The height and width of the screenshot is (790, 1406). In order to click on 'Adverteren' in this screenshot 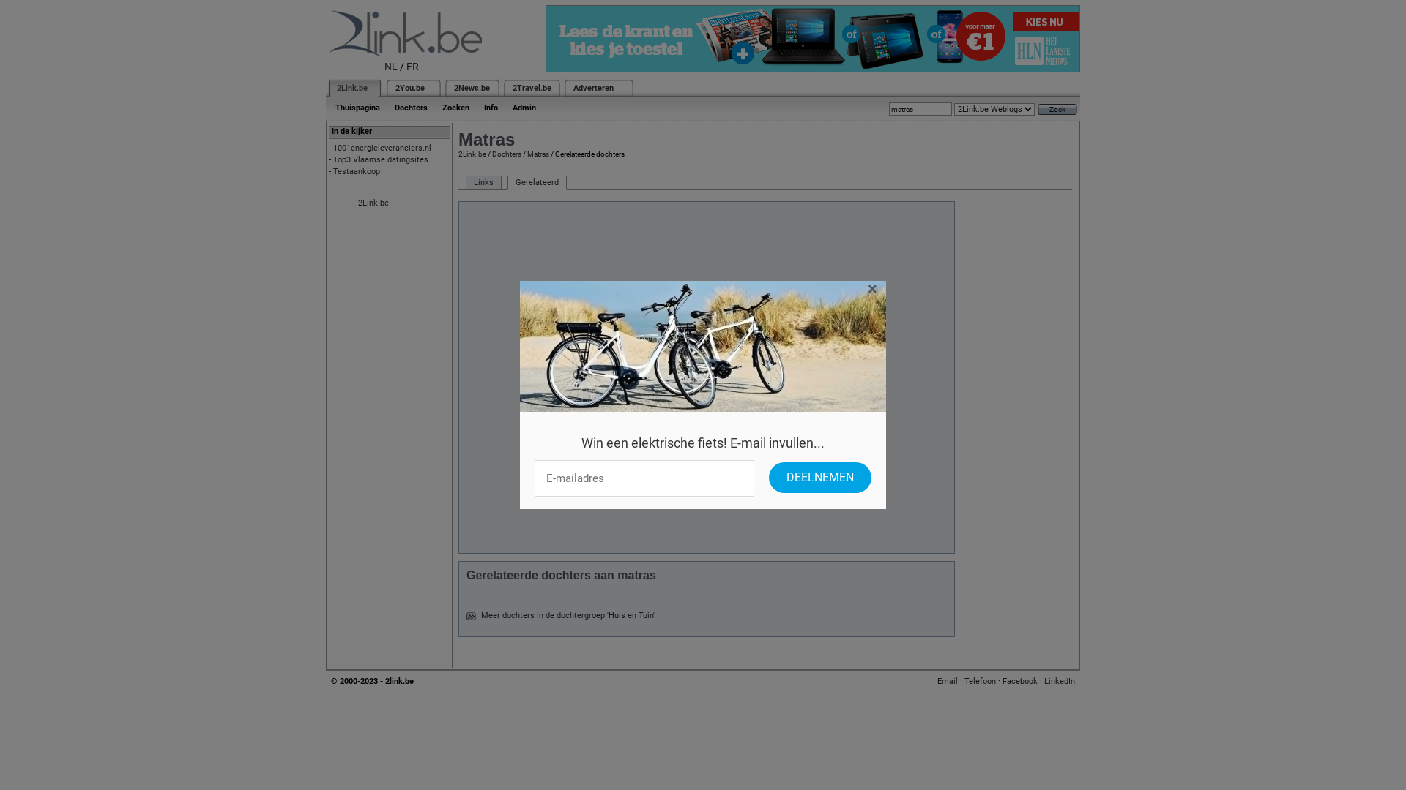, I will do `click(593, 88)`.